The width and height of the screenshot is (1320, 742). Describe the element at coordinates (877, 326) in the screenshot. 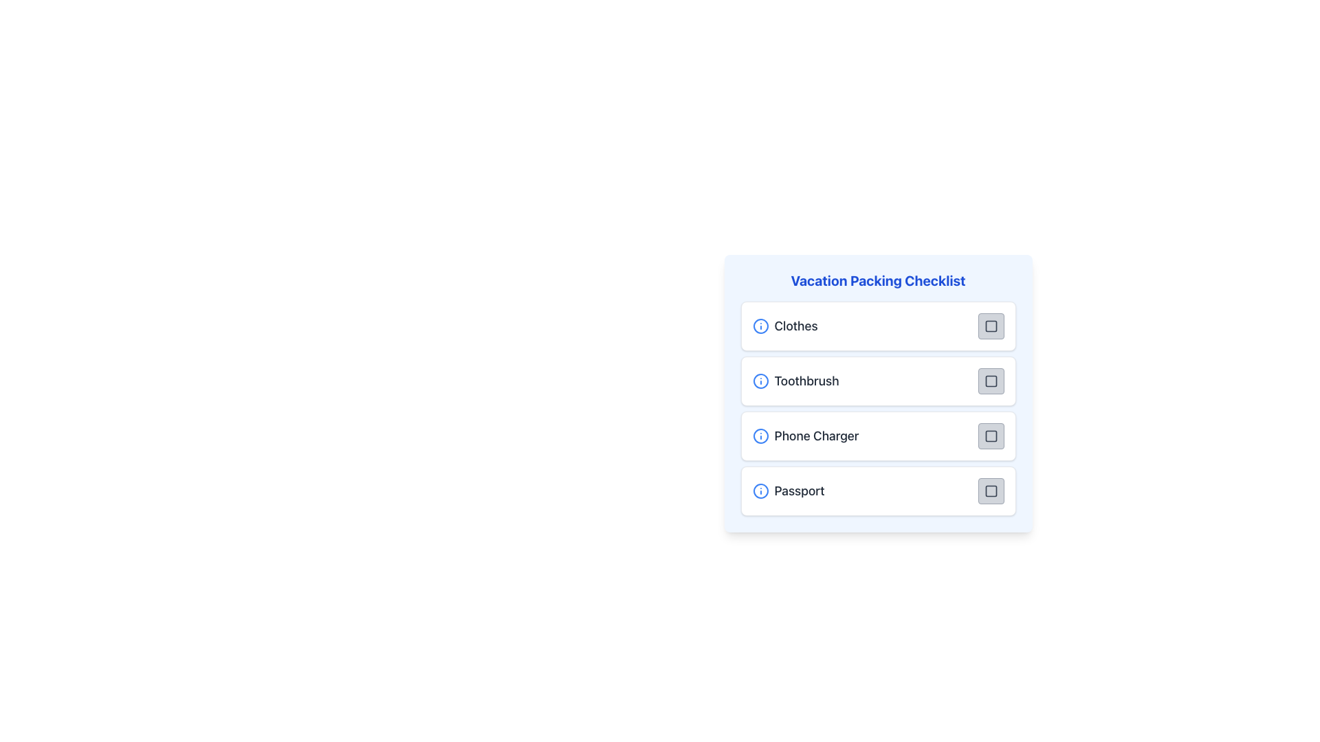

I see `the checklist item labeled 'Clothes' in the 'Vacation Packing Checklist'` at that location.